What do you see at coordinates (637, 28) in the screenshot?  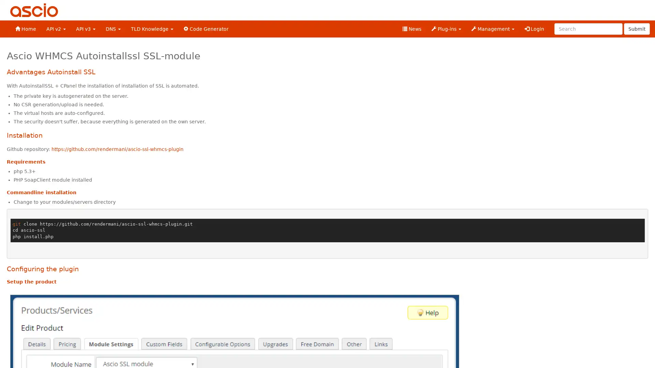 I see `Submit` at bounding box center [637, 28].